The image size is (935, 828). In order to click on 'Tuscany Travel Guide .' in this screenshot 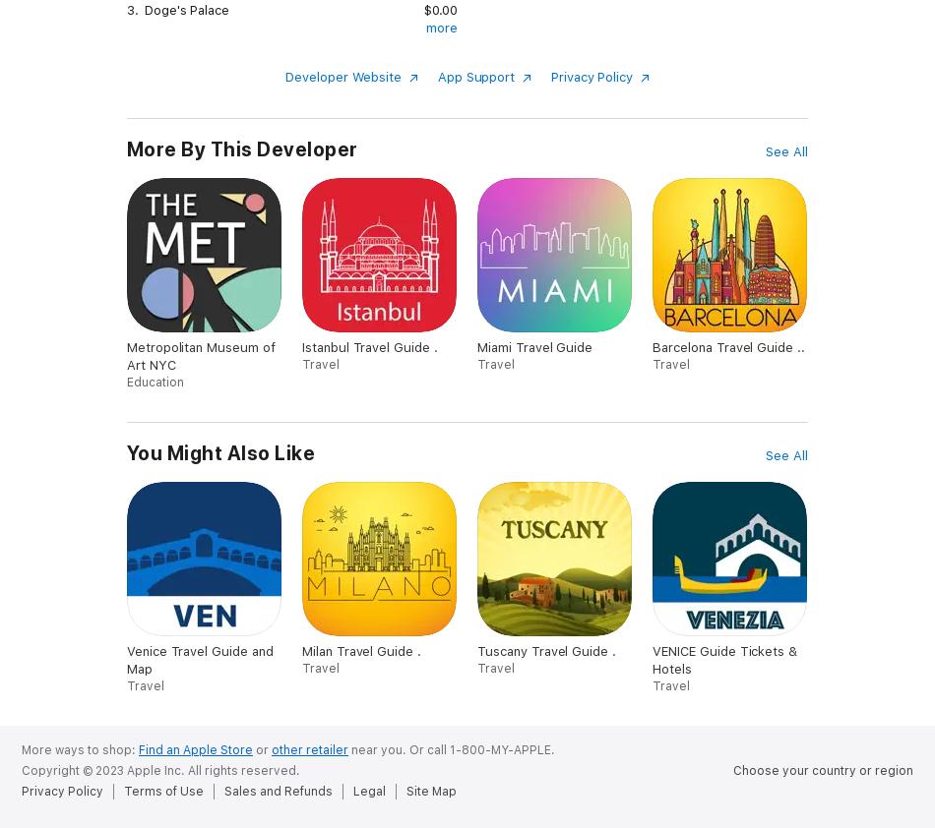, I will do `click(476, 650)`.